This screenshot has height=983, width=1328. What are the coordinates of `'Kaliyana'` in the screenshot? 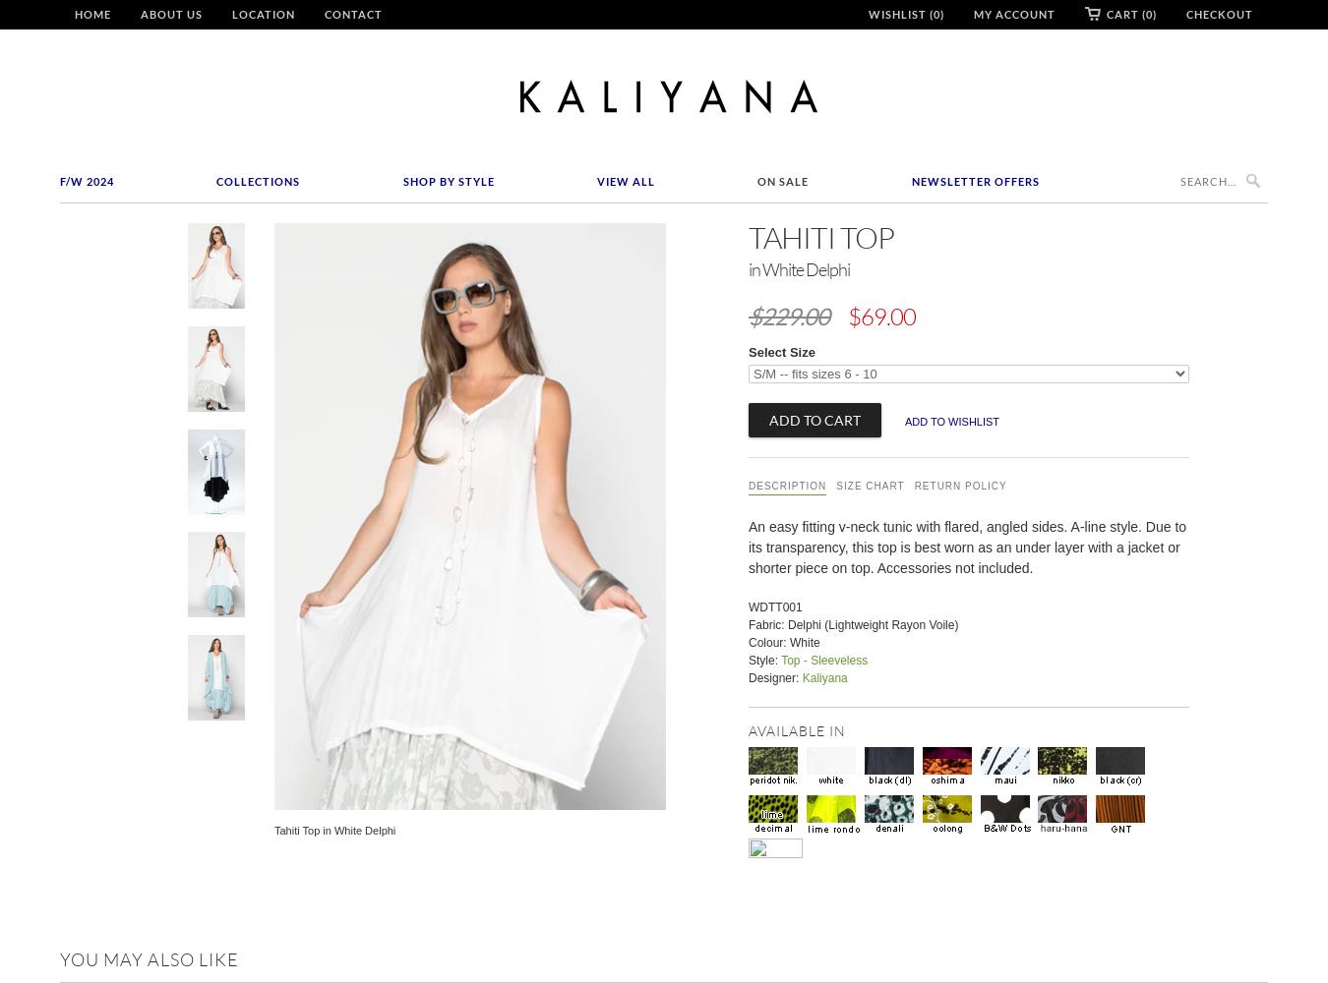 It's located at (823, 676).